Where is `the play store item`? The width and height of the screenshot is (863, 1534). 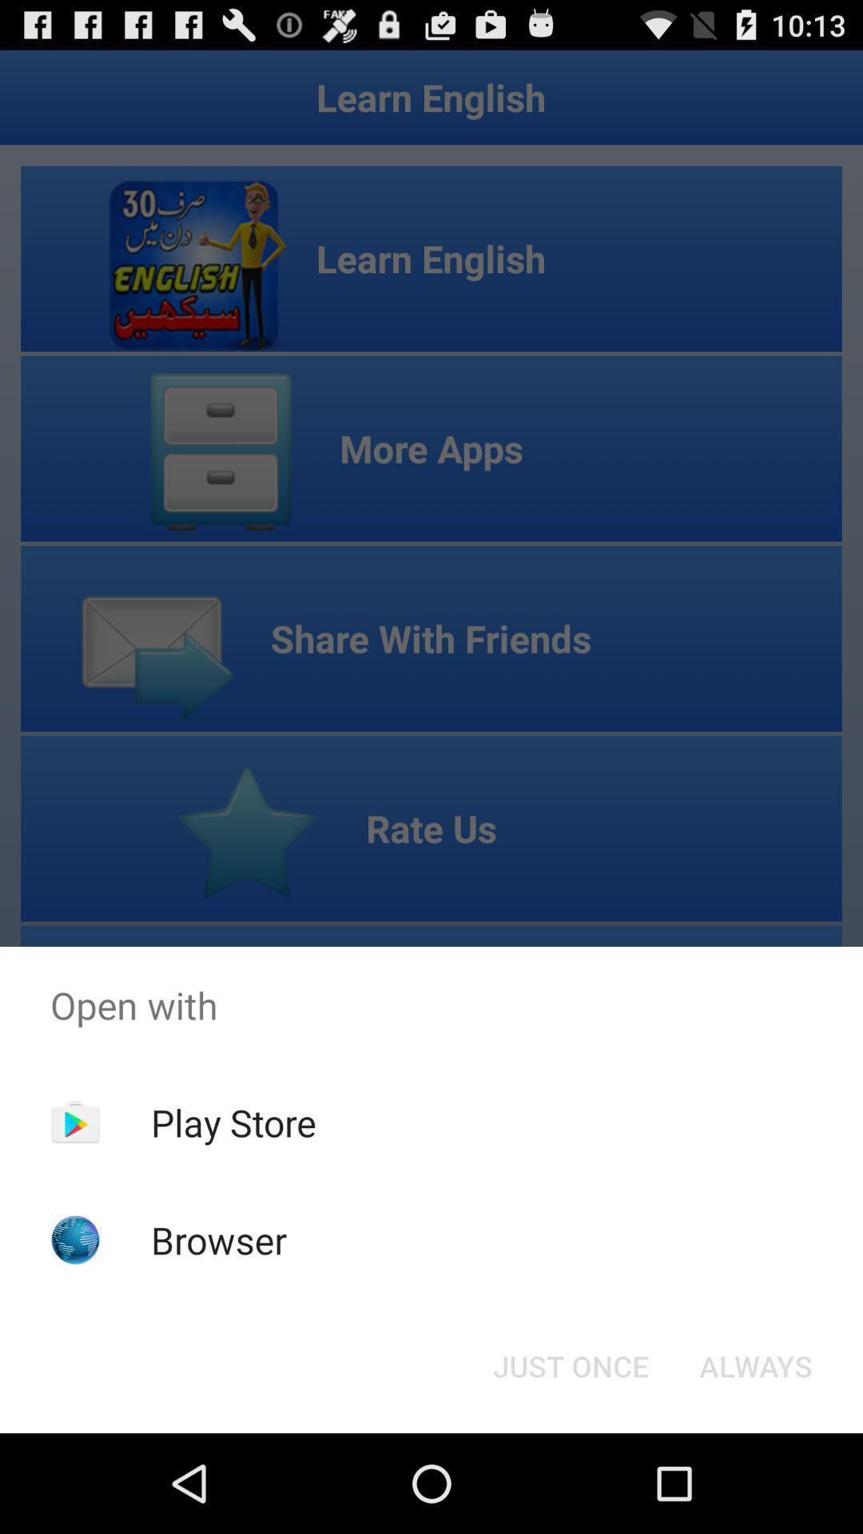
the play store item is located at coordinates (233, 1122).